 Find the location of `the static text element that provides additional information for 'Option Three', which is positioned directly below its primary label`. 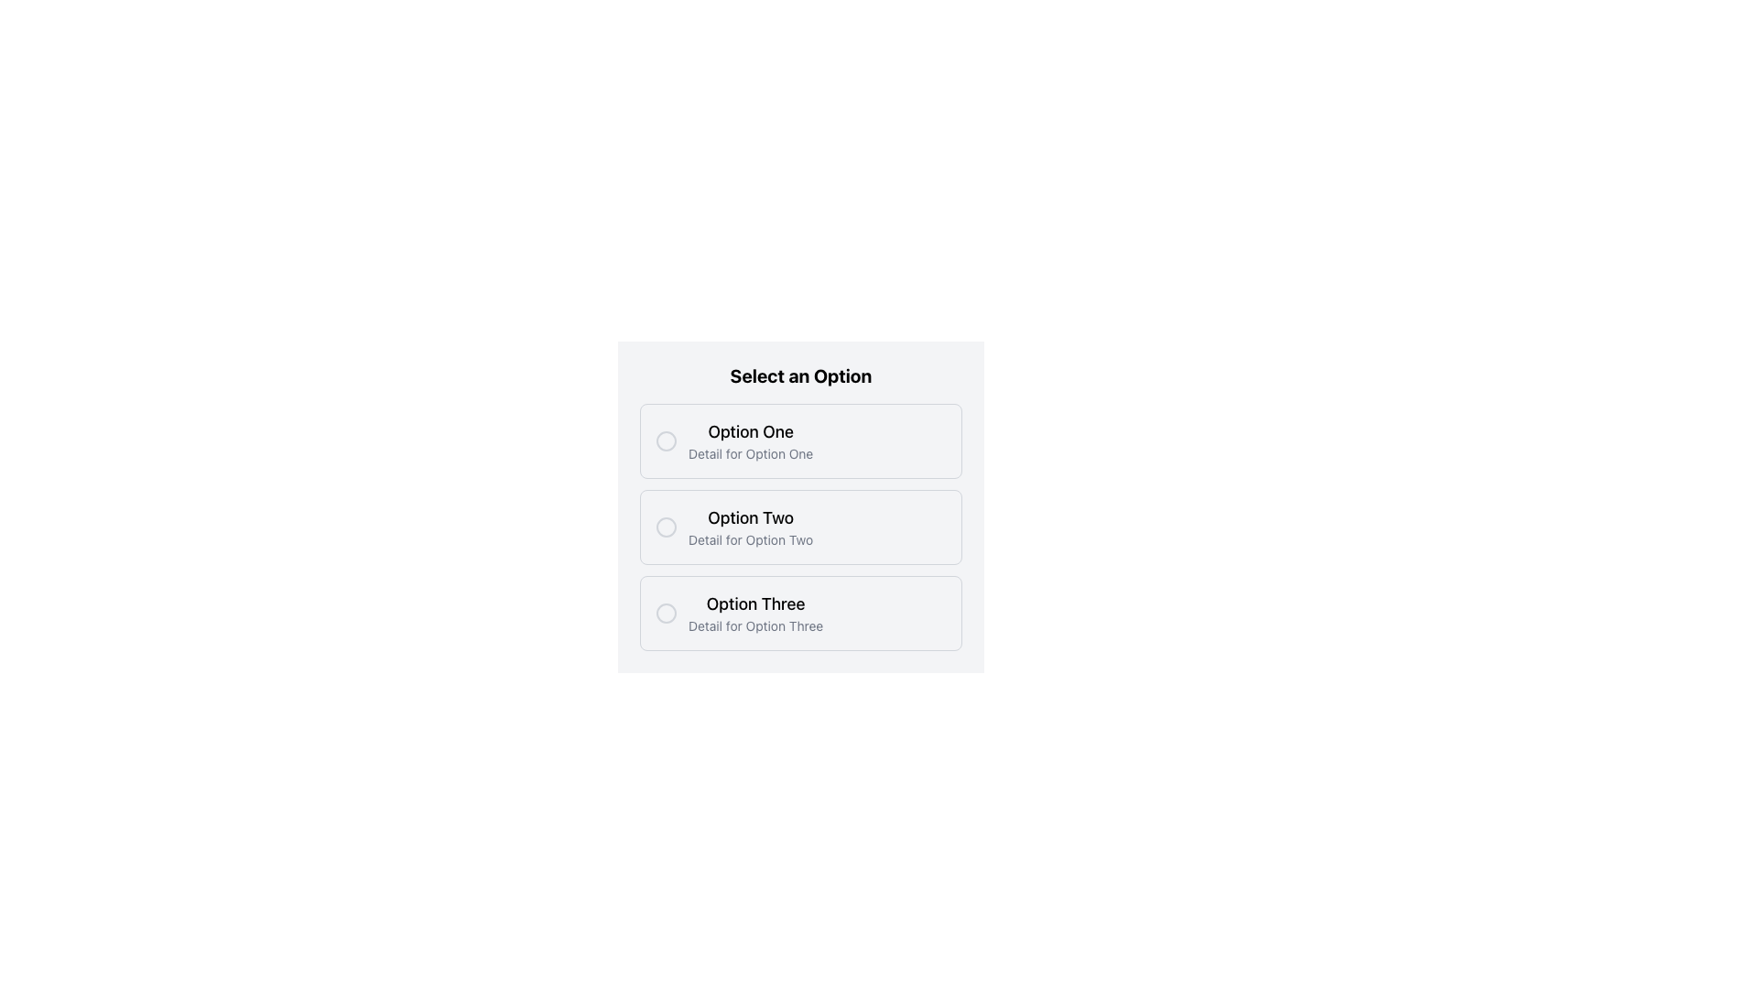

the static text element that provides additional information for 'Option Three', which is positioned directly below its primary label is located at coordinates (755, 625).